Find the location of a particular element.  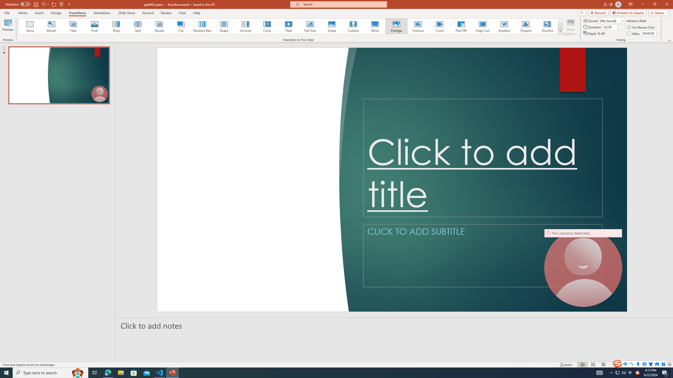

'Page Curl' is located at coordinates (482, 26).